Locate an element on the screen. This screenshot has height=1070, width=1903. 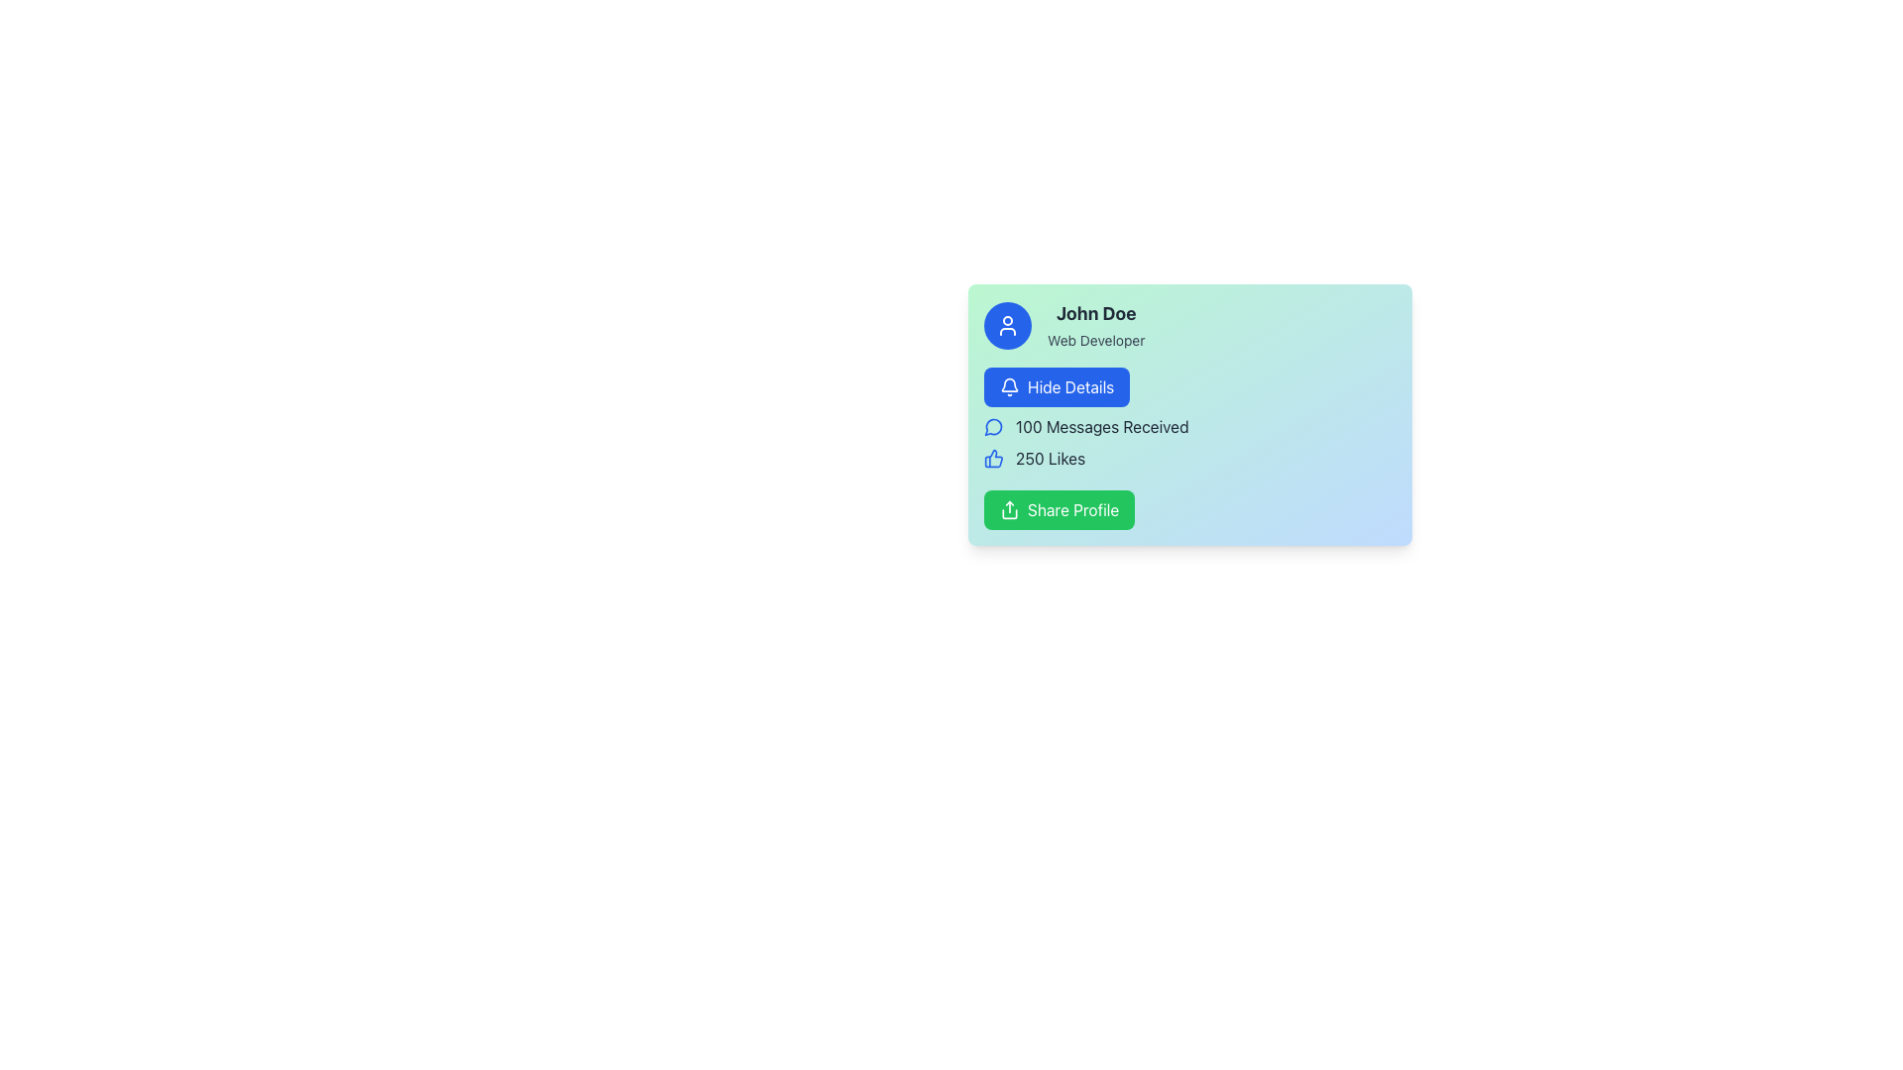
the blue thumbs-up icon located below the vertical stem-like shape, adjacent to the text '250 Likes' is located at coordinates (994, 458).